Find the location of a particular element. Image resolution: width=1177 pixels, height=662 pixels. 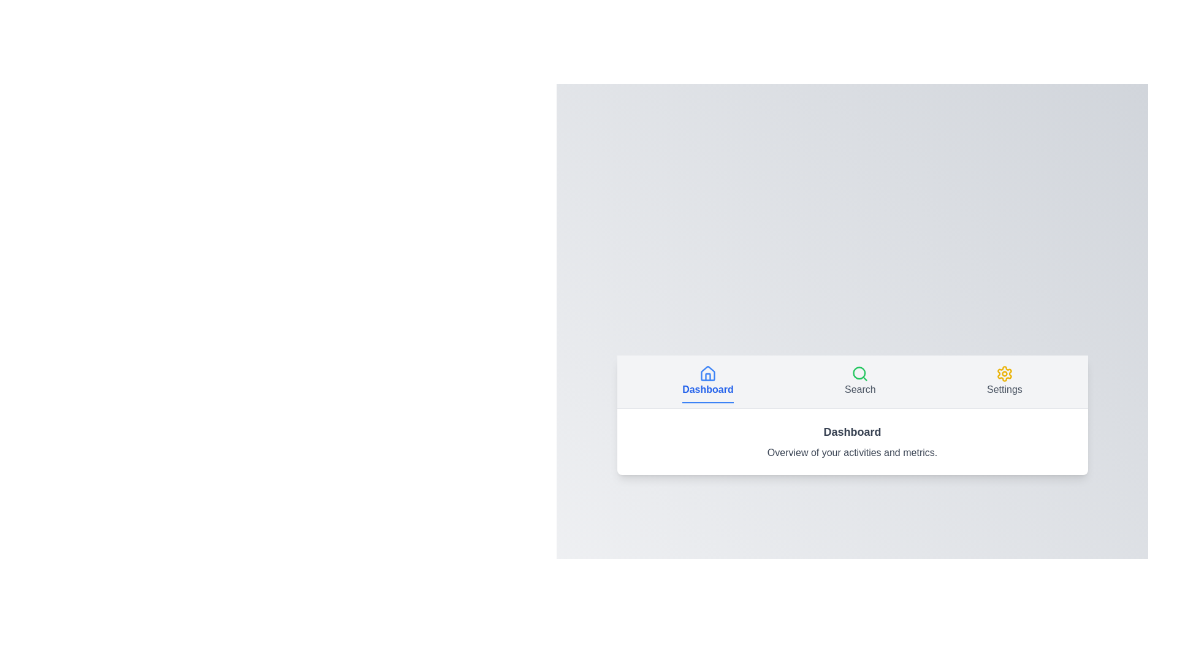

the Search tab by clicking on its button is located at coordinates (859, 381).